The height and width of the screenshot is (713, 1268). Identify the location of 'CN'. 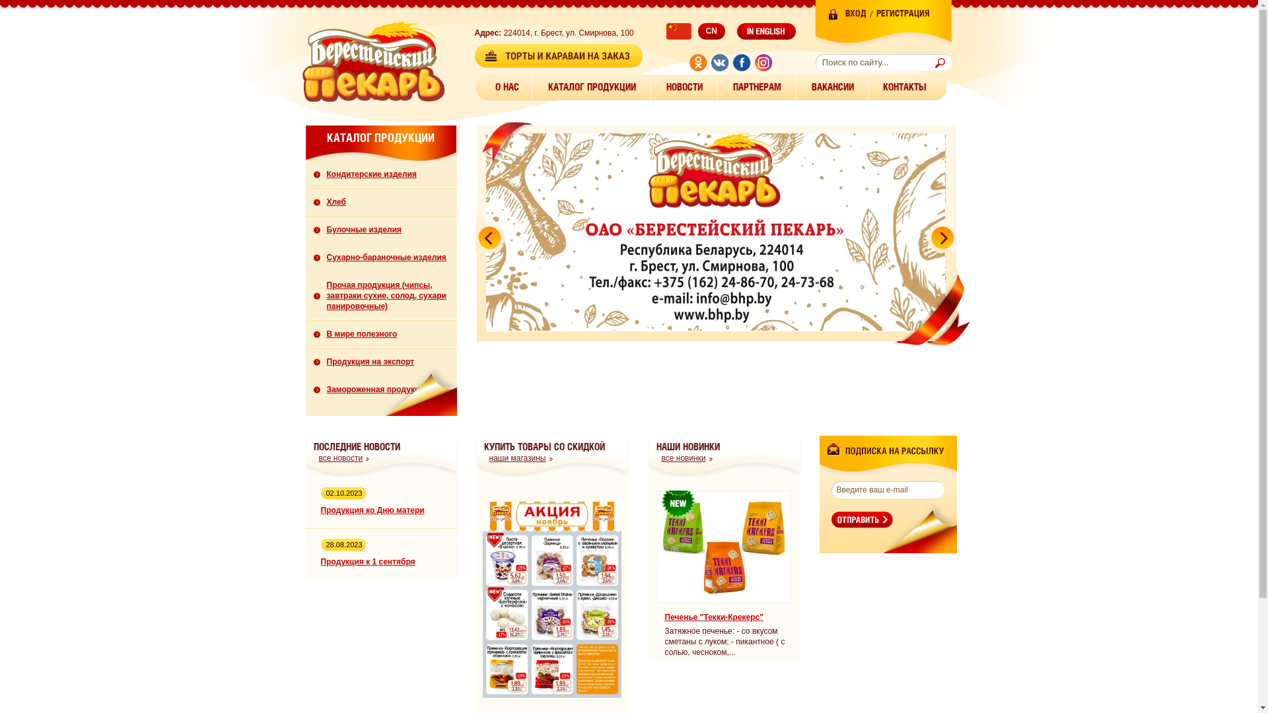
(694, 30).